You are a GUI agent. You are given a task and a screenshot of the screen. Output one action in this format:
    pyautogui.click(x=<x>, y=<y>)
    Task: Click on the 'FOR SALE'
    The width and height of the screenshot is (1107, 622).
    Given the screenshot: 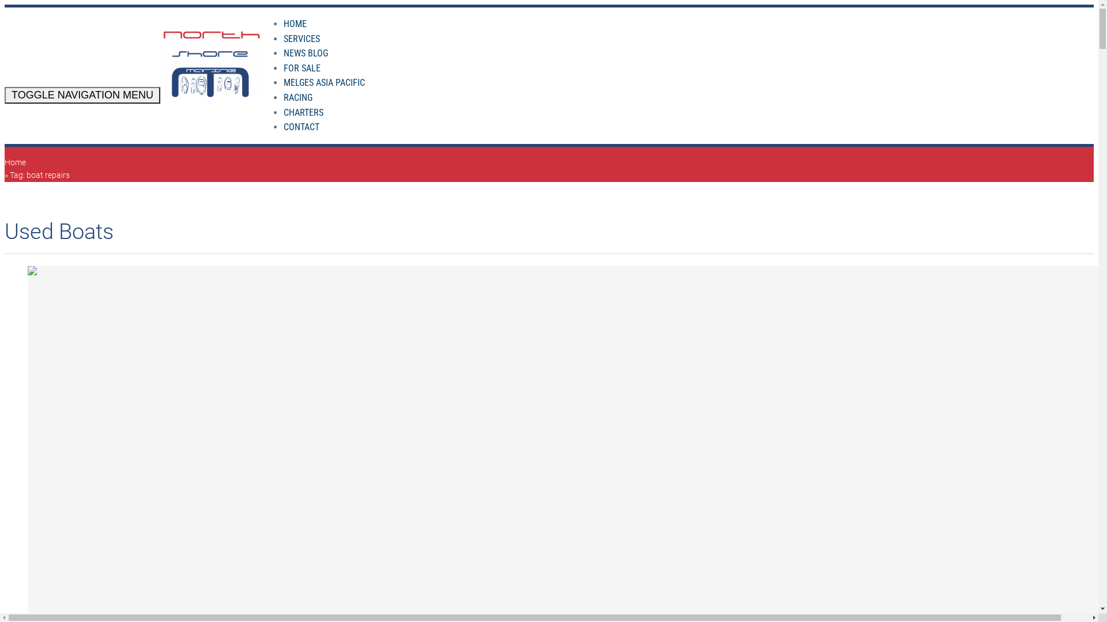 What is the action you would take?
    pyautogui.click(x=302, y=68)
    